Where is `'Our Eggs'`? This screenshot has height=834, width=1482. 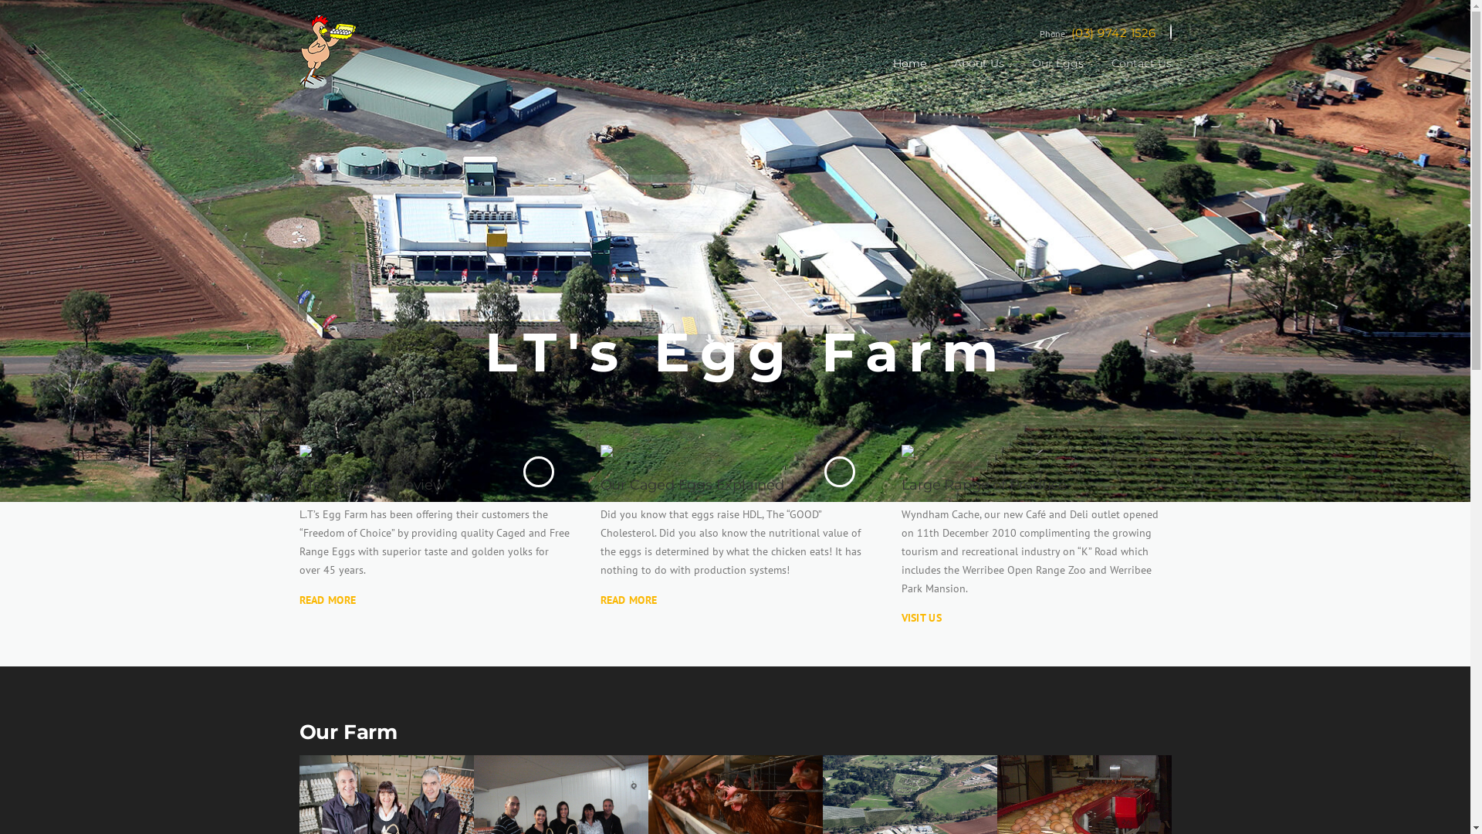 'Our Eggs' is located at coordinates (1056, 74).